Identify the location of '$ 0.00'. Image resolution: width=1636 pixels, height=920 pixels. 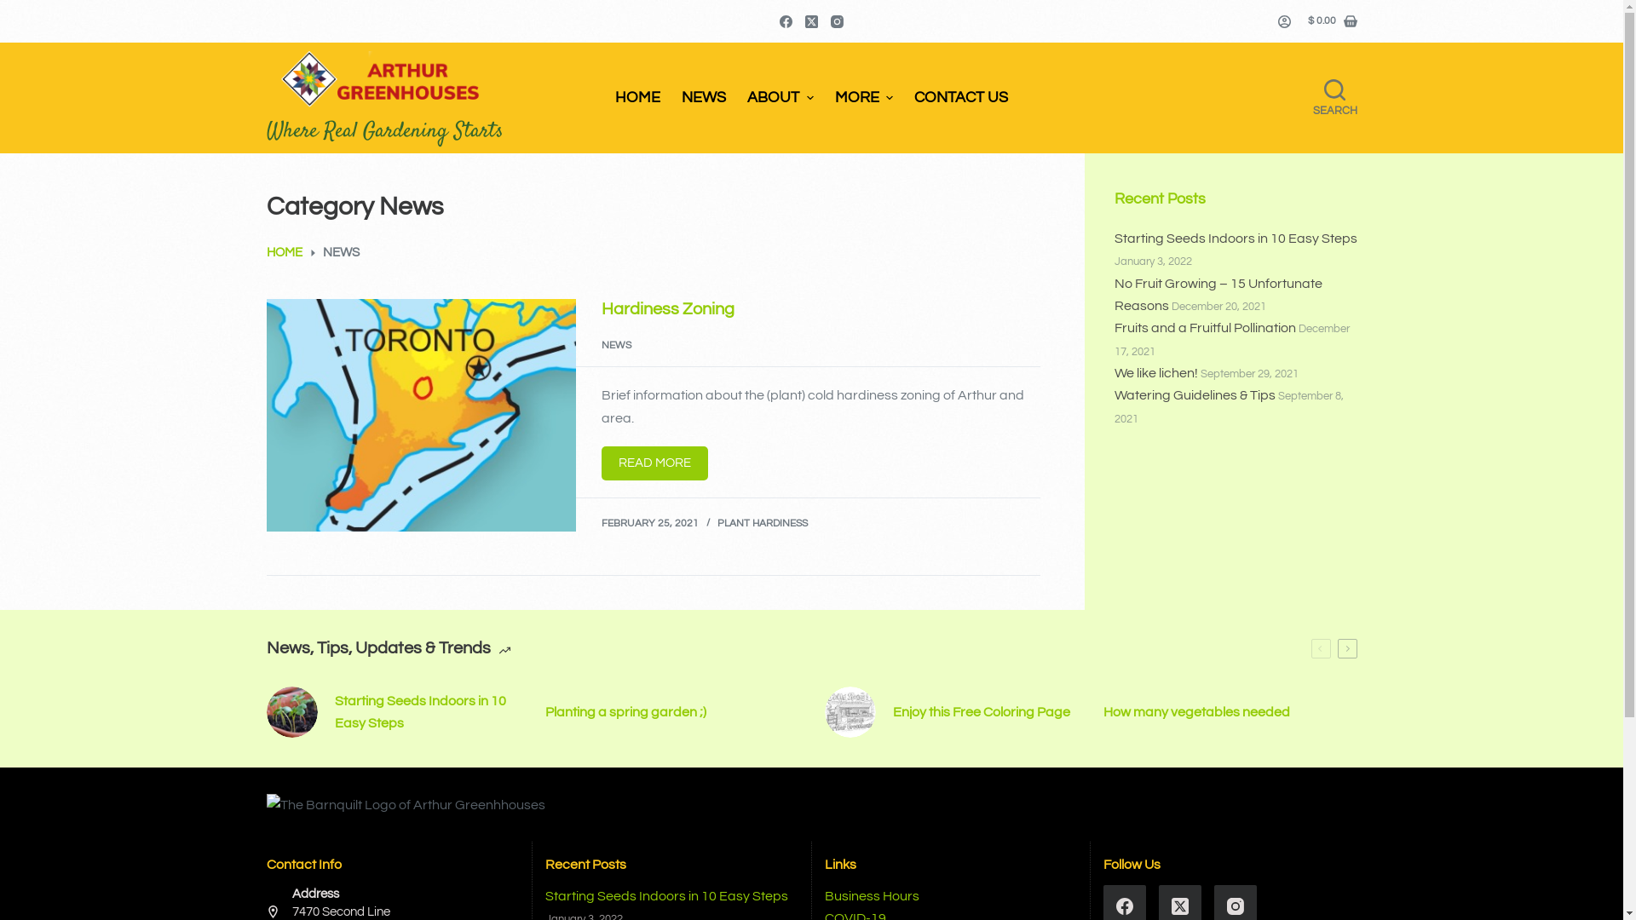
(1331, 20).